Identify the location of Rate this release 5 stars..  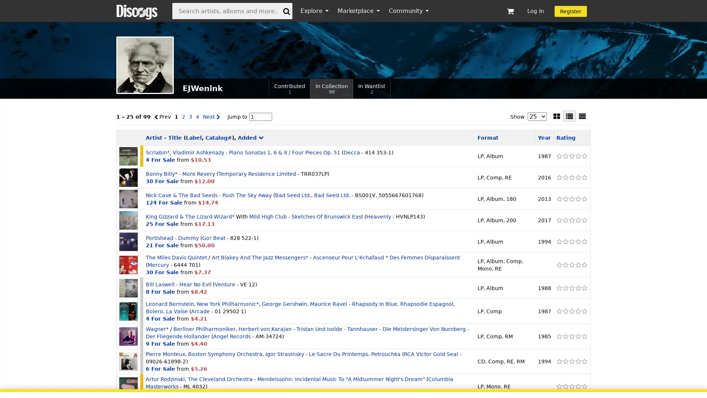
(584, 220).